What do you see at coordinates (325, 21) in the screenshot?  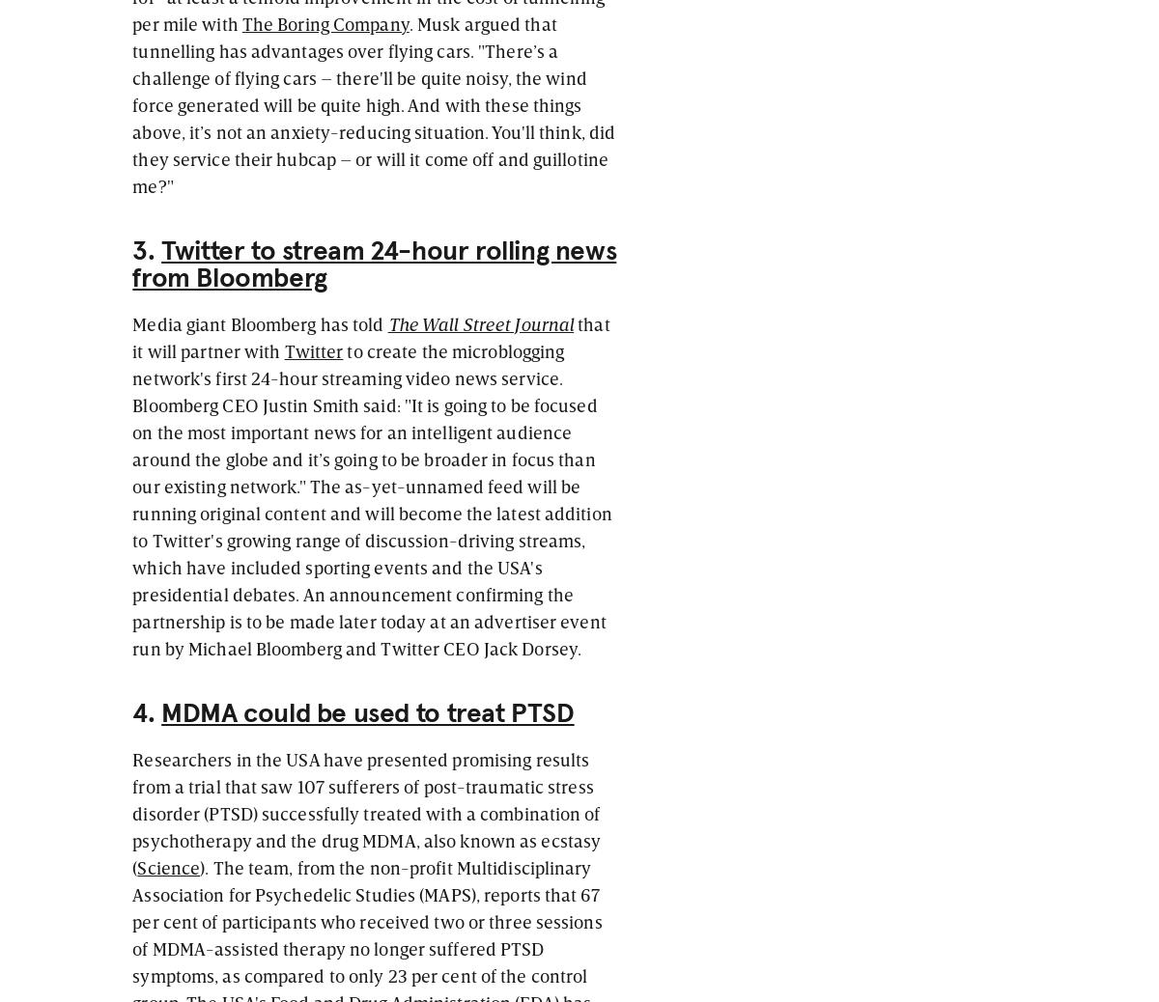 I see `'The Boring Company'` at bounding box center [325, 21].